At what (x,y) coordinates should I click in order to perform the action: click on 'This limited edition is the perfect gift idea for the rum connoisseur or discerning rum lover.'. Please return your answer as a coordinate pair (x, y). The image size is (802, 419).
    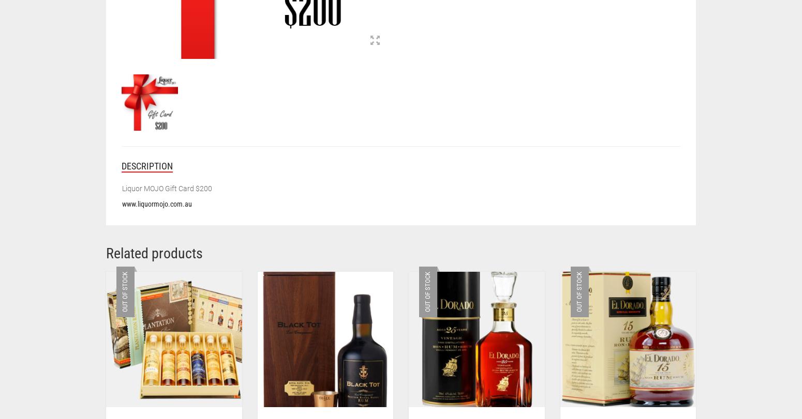
    Looking at the image, I should click on (538, 84).